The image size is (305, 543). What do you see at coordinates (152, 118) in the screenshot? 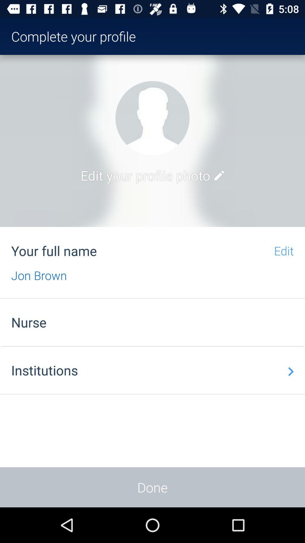
I see `the icon above edit your profile photo` at bounding box center [152, 118].